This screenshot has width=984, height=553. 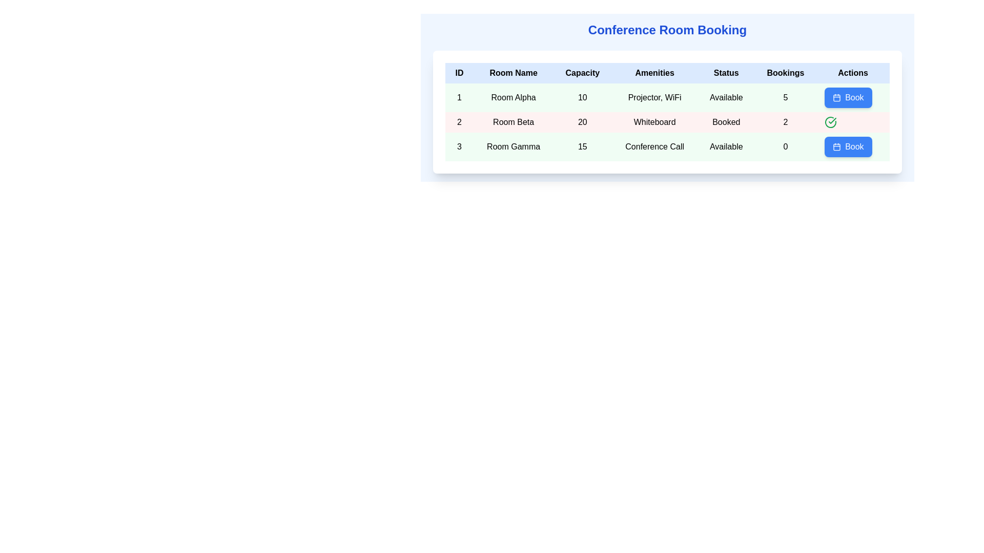 What do you see at coordinates (837, 98) in the screenshot?
I see `the small calendar icon with a blue background located inside the 'Book' button in the 'Actions' column for 'Room Gamma'` at bounding box center [837, 98].